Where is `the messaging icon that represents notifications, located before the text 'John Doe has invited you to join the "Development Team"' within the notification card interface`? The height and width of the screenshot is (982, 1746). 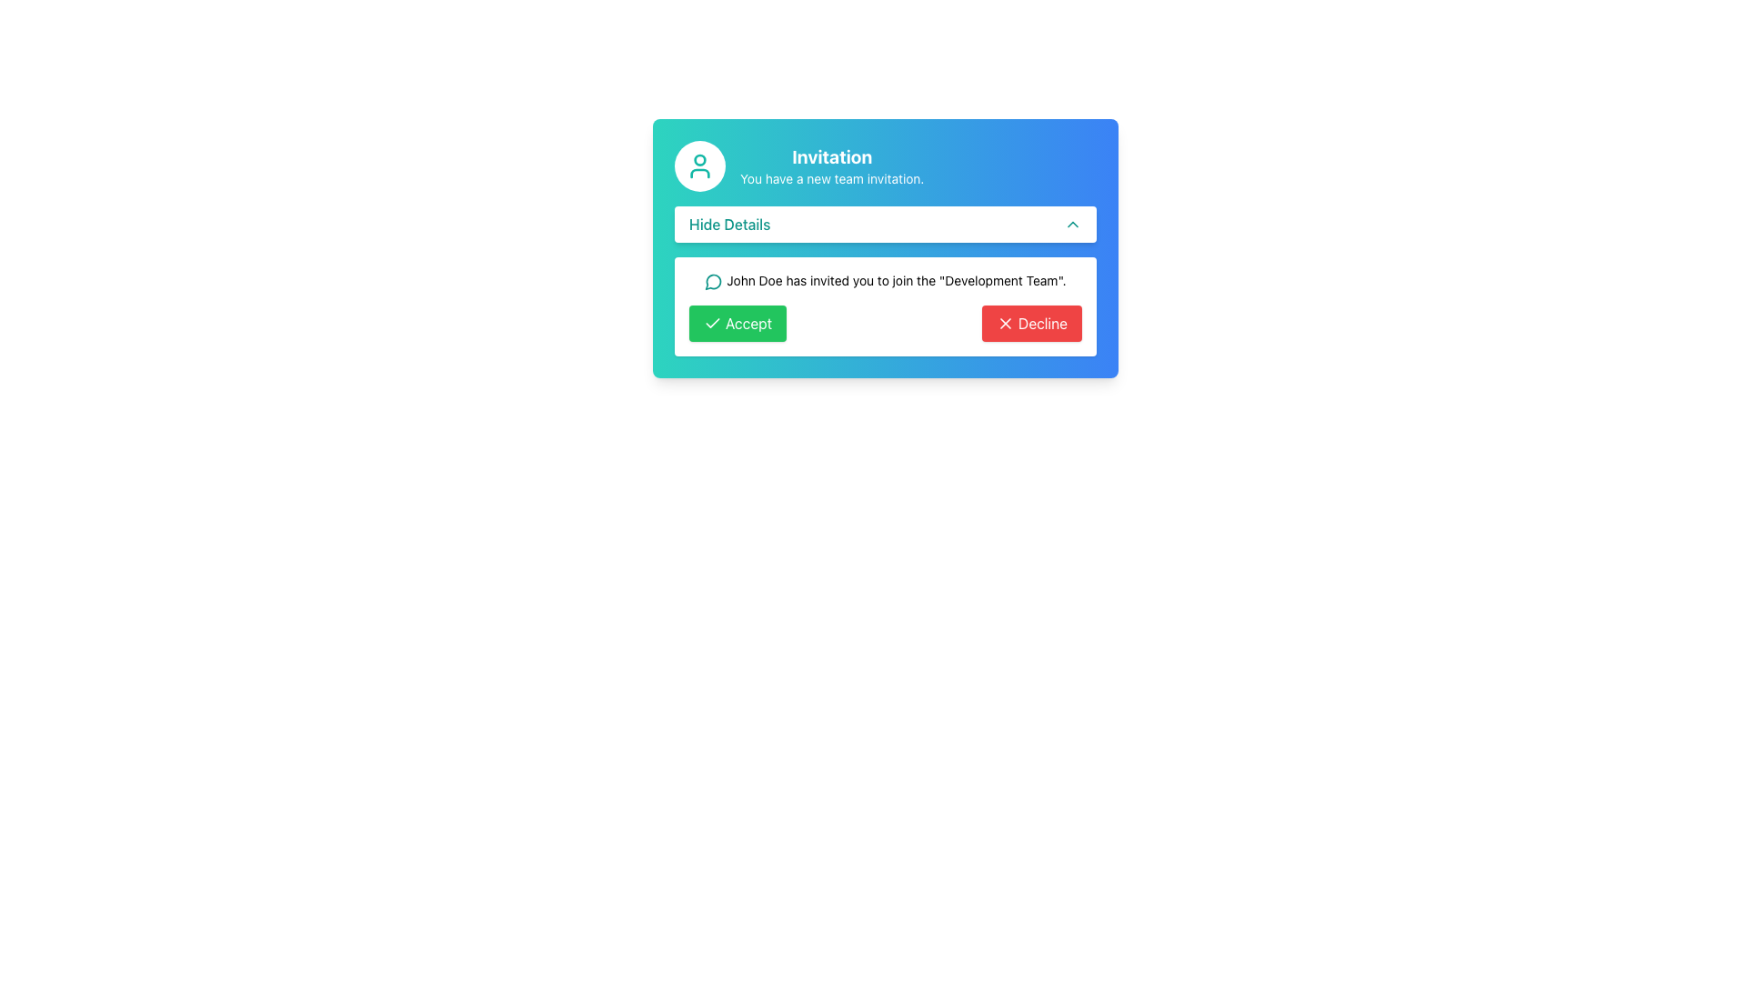 the messaging icon that represents notifications, located before the text 'John Doe has invited you to join the "Development Team"' within the notification card interface is located at coordinates (713, 282).